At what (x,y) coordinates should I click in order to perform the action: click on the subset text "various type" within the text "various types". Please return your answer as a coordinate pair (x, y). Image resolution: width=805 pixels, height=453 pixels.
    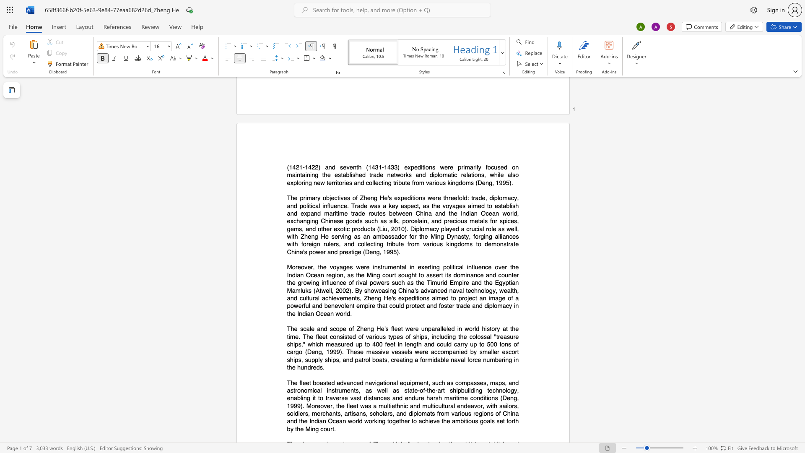
    Looking at the image, I should click on (366, 336).